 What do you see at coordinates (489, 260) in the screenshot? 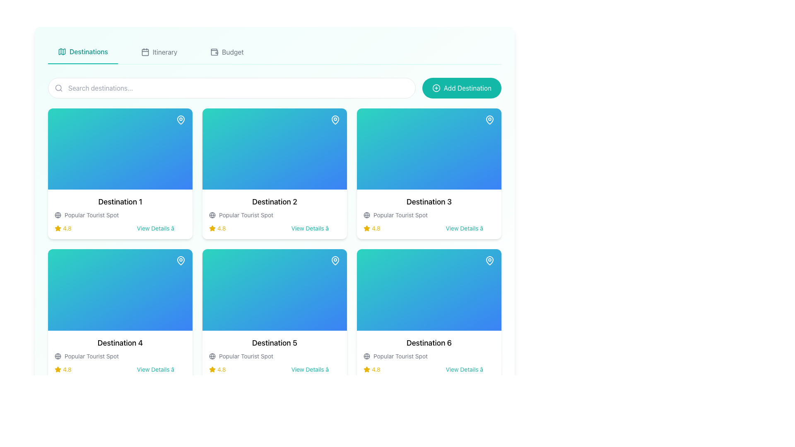
I see `the icon located at the top-right corner of the card labeled 'Destination 6' in the bottom-right corner of the grid layout` at bounding box center [489, 260].